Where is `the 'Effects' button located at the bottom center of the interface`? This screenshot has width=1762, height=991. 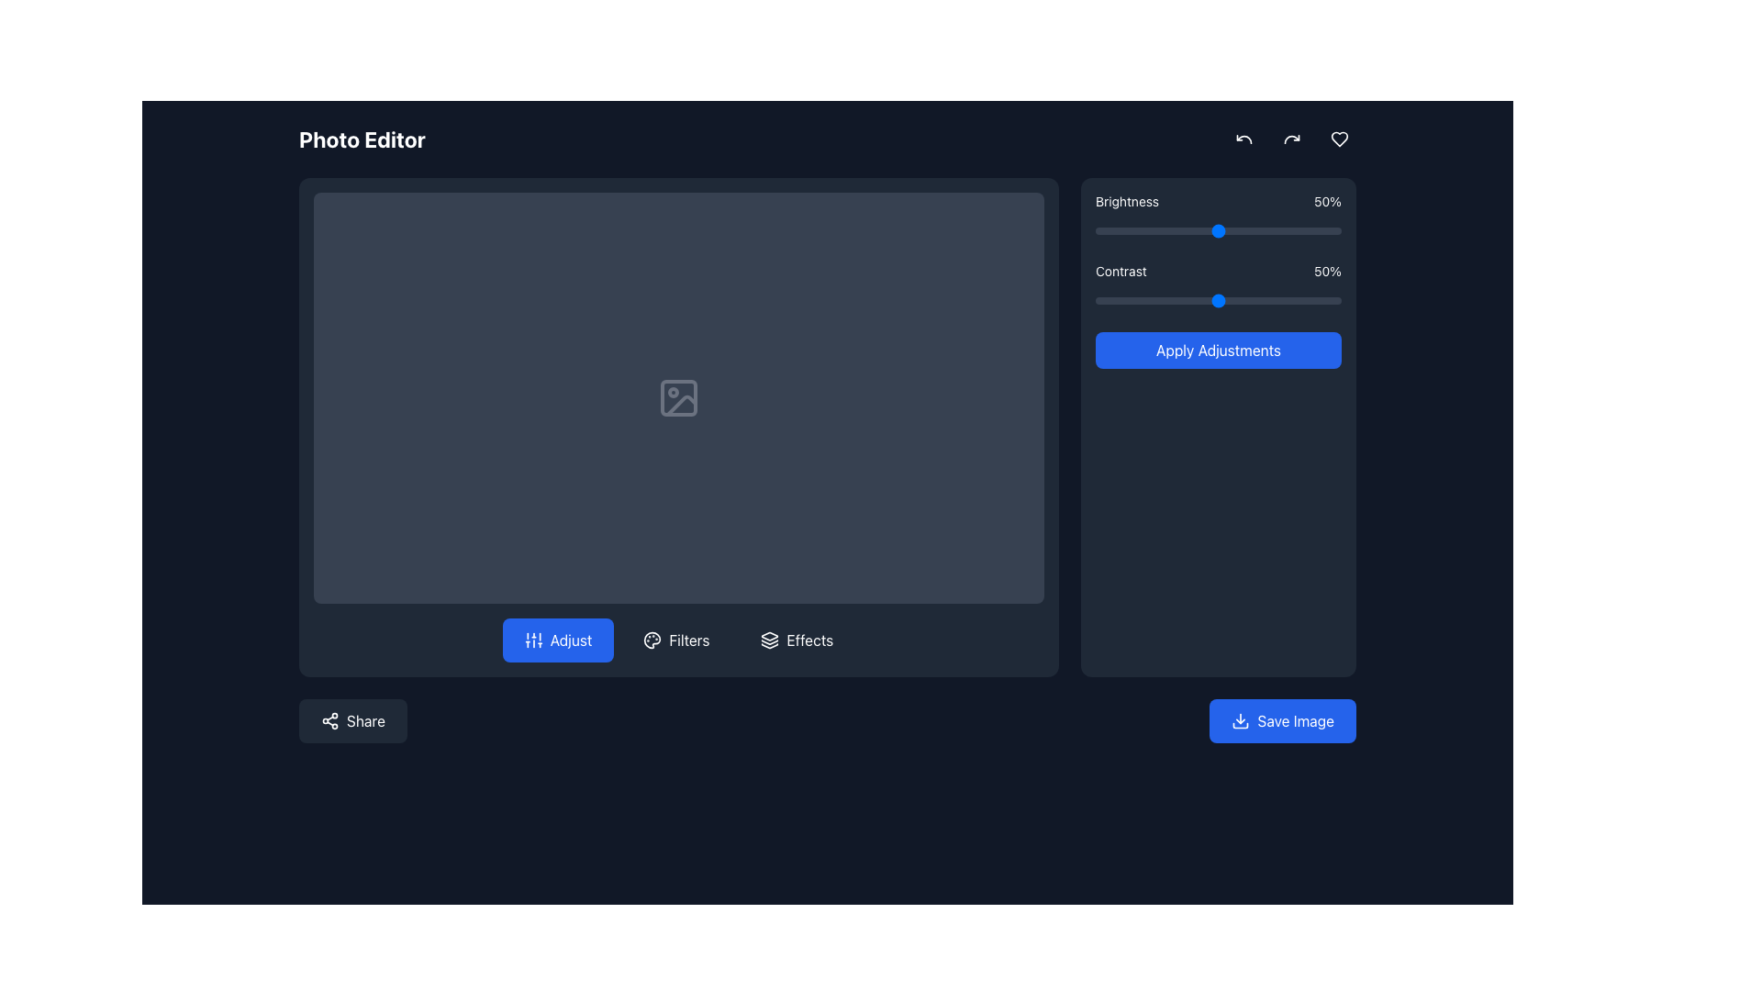 the 'Effects' button located at the bottom center of the interface is located at coordinates (797, 639).